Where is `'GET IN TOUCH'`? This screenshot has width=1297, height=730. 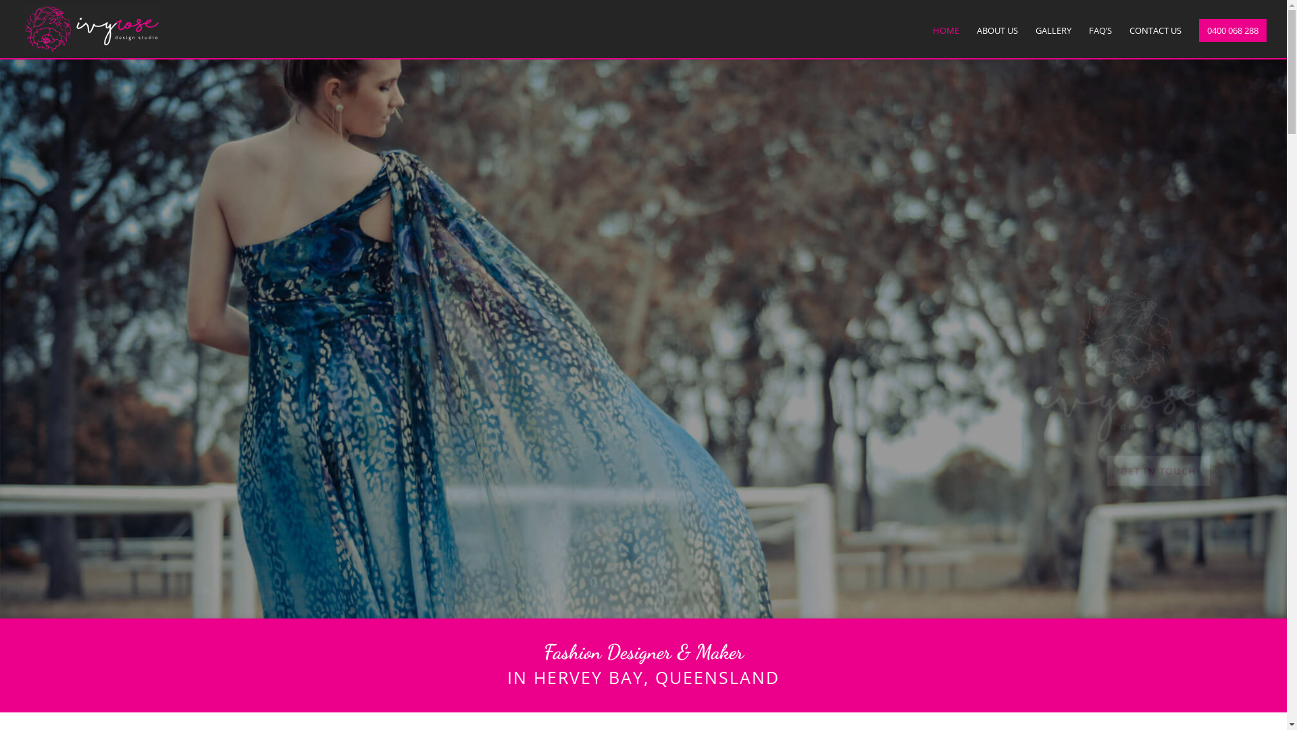 'GET IN TOUCH' is located at coordinates (76, 420).